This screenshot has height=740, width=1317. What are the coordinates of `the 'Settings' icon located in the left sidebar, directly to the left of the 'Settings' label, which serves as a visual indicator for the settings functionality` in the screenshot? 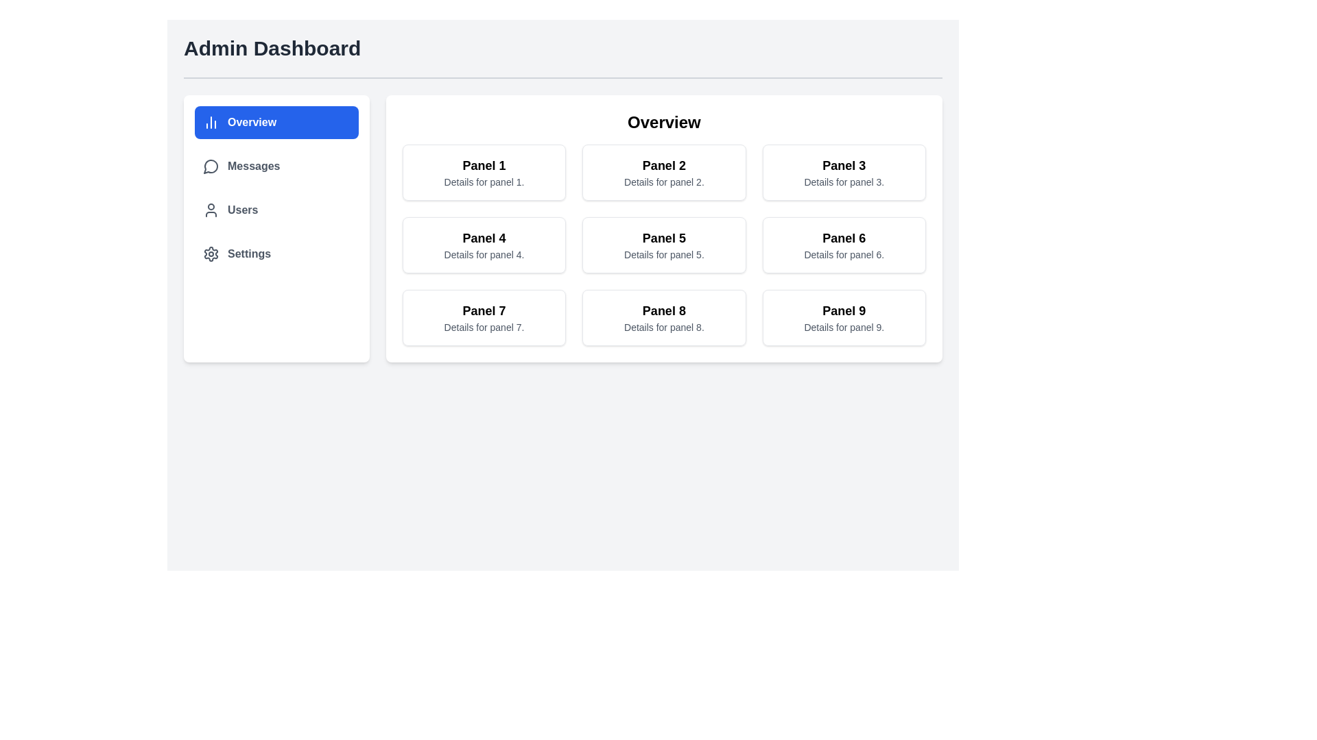 It's located at (210, 254).